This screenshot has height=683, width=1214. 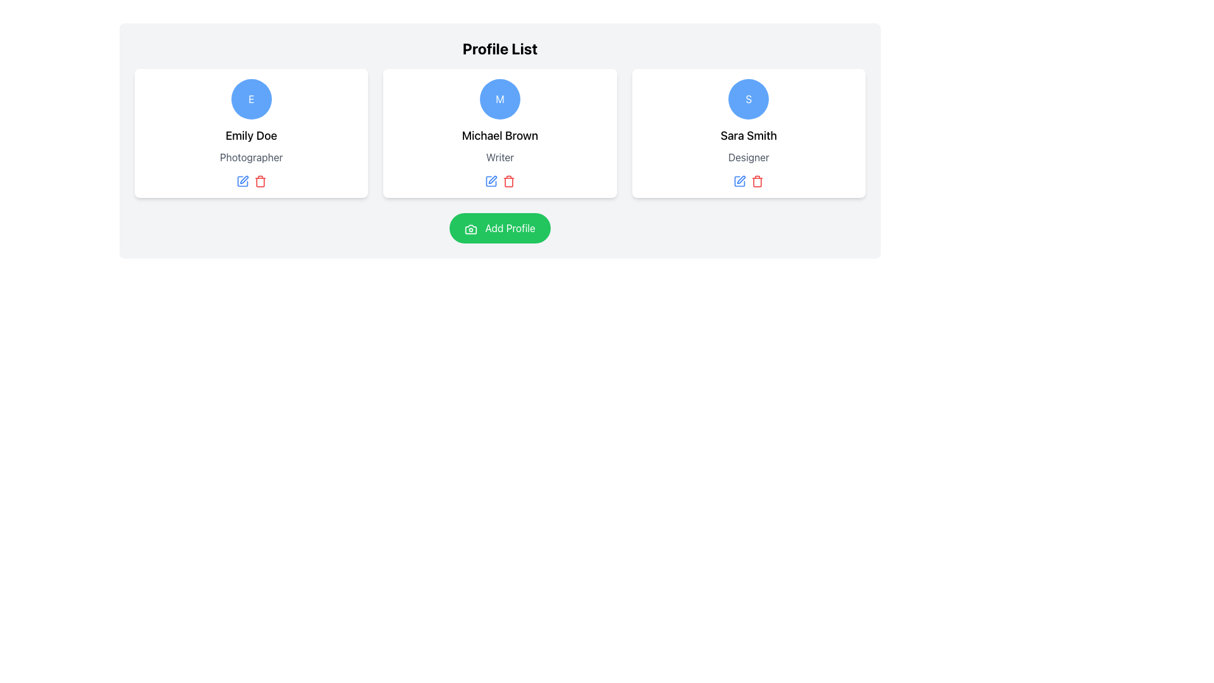 What do you see at coordinates (242, 181) in the screenshot?
I see `the SVG icon resembling a square located at the bottom of the card labeled 'Emily Doe', positioned immediately to the left of the trashcan icon` at bounding box center [242, 181].